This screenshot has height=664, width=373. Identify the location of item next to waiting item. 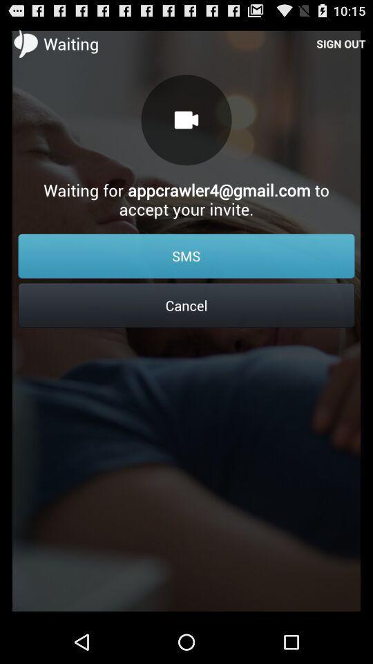
(340, 43).